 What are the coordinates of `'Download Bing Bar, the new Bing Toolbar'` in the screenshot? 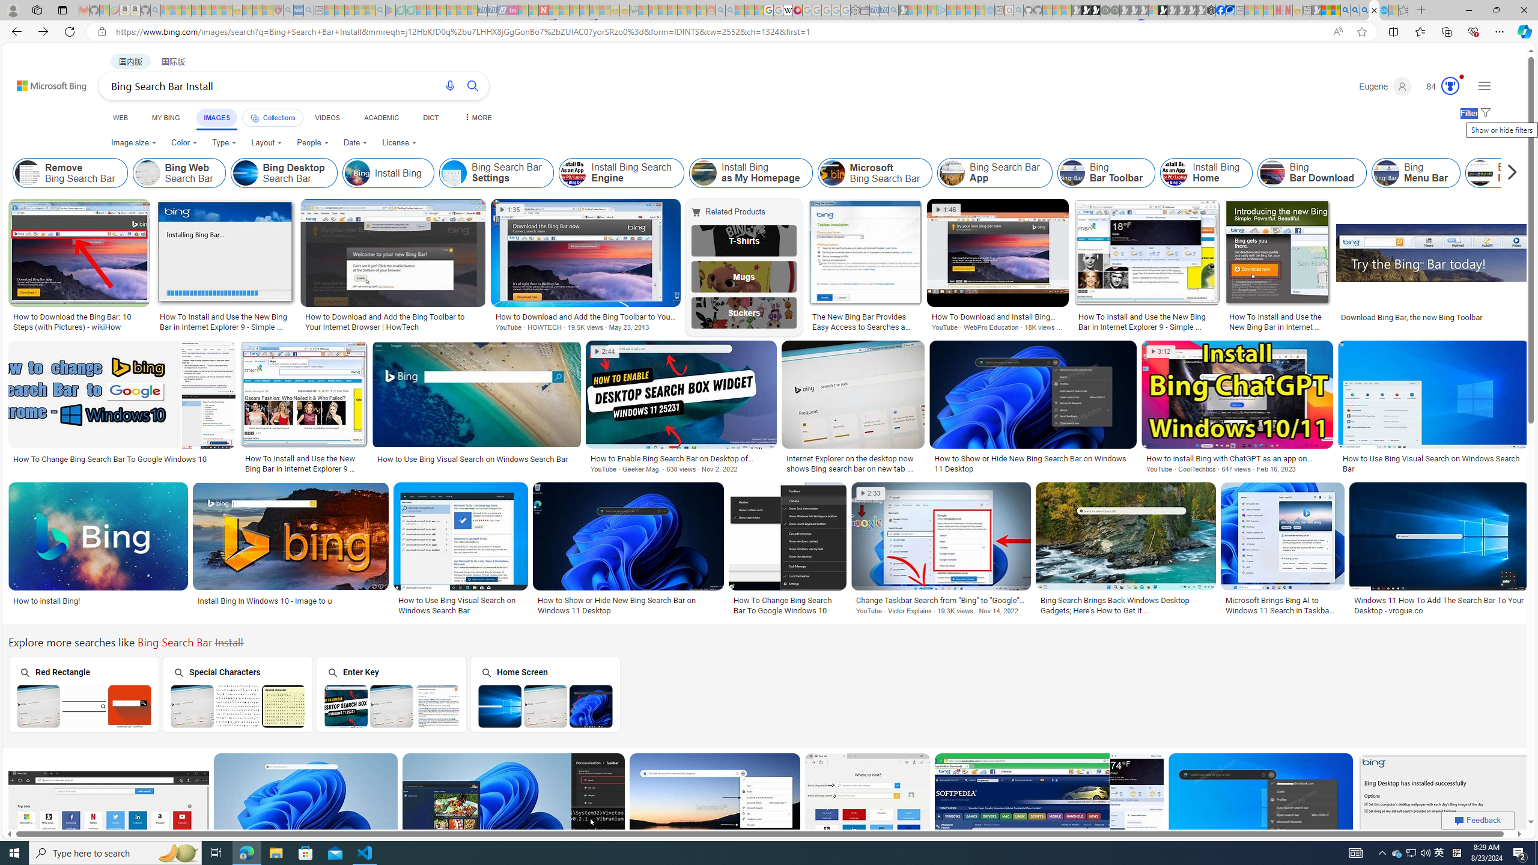 It's located at (1432, 316).